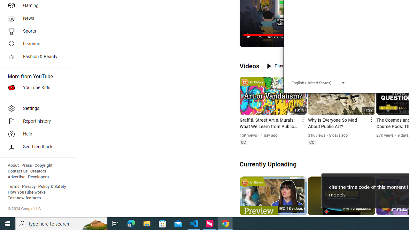 This screenshot has height=230, width=409. Describe the element at coordinates (268, 164) in the screenshot. I see `'Currently Uploading'` at that location.